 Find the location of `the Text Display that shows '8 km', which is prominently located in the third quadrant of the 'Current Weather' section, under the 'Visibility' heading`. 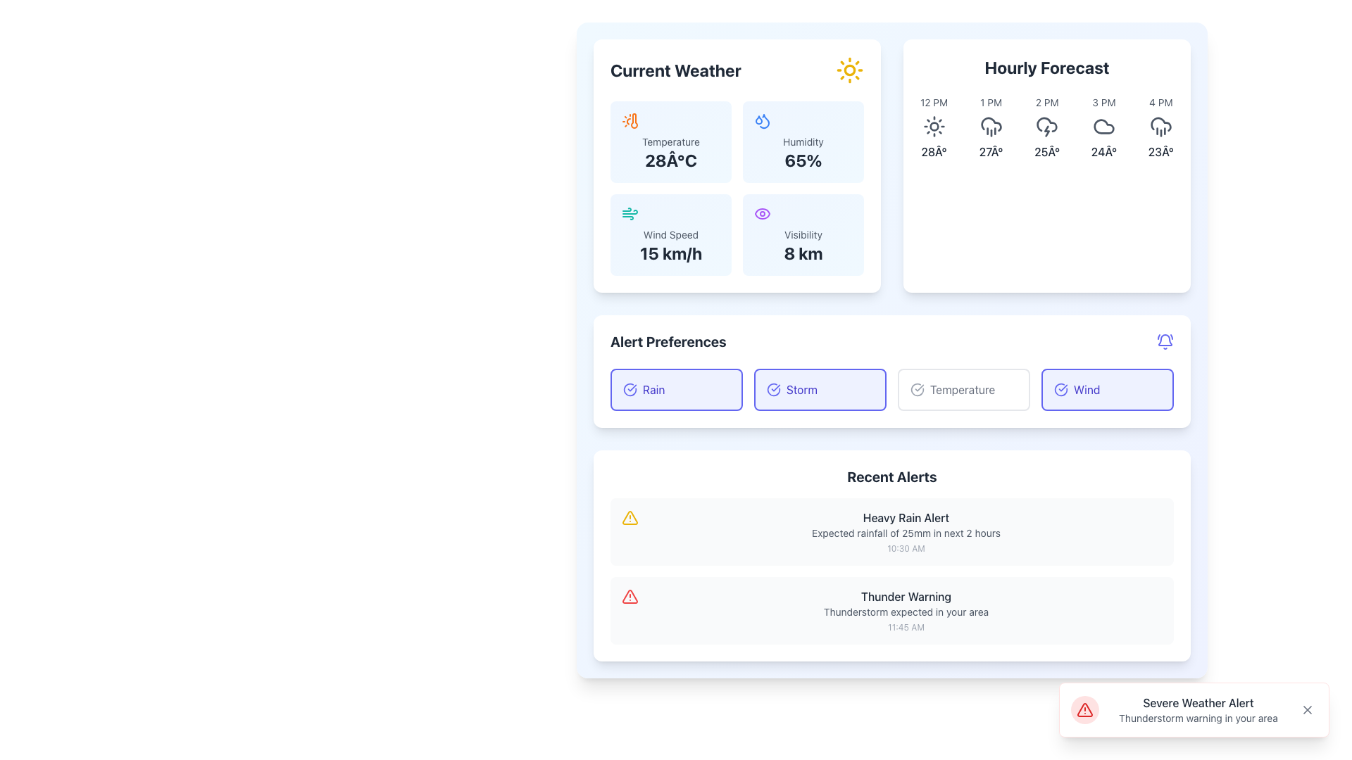

the Text Display that shows '8 km', which is prominently located in the third quadrant of the 'Current Weather' section, under the 'Visibility' heading is located at coordinates (803, 252).